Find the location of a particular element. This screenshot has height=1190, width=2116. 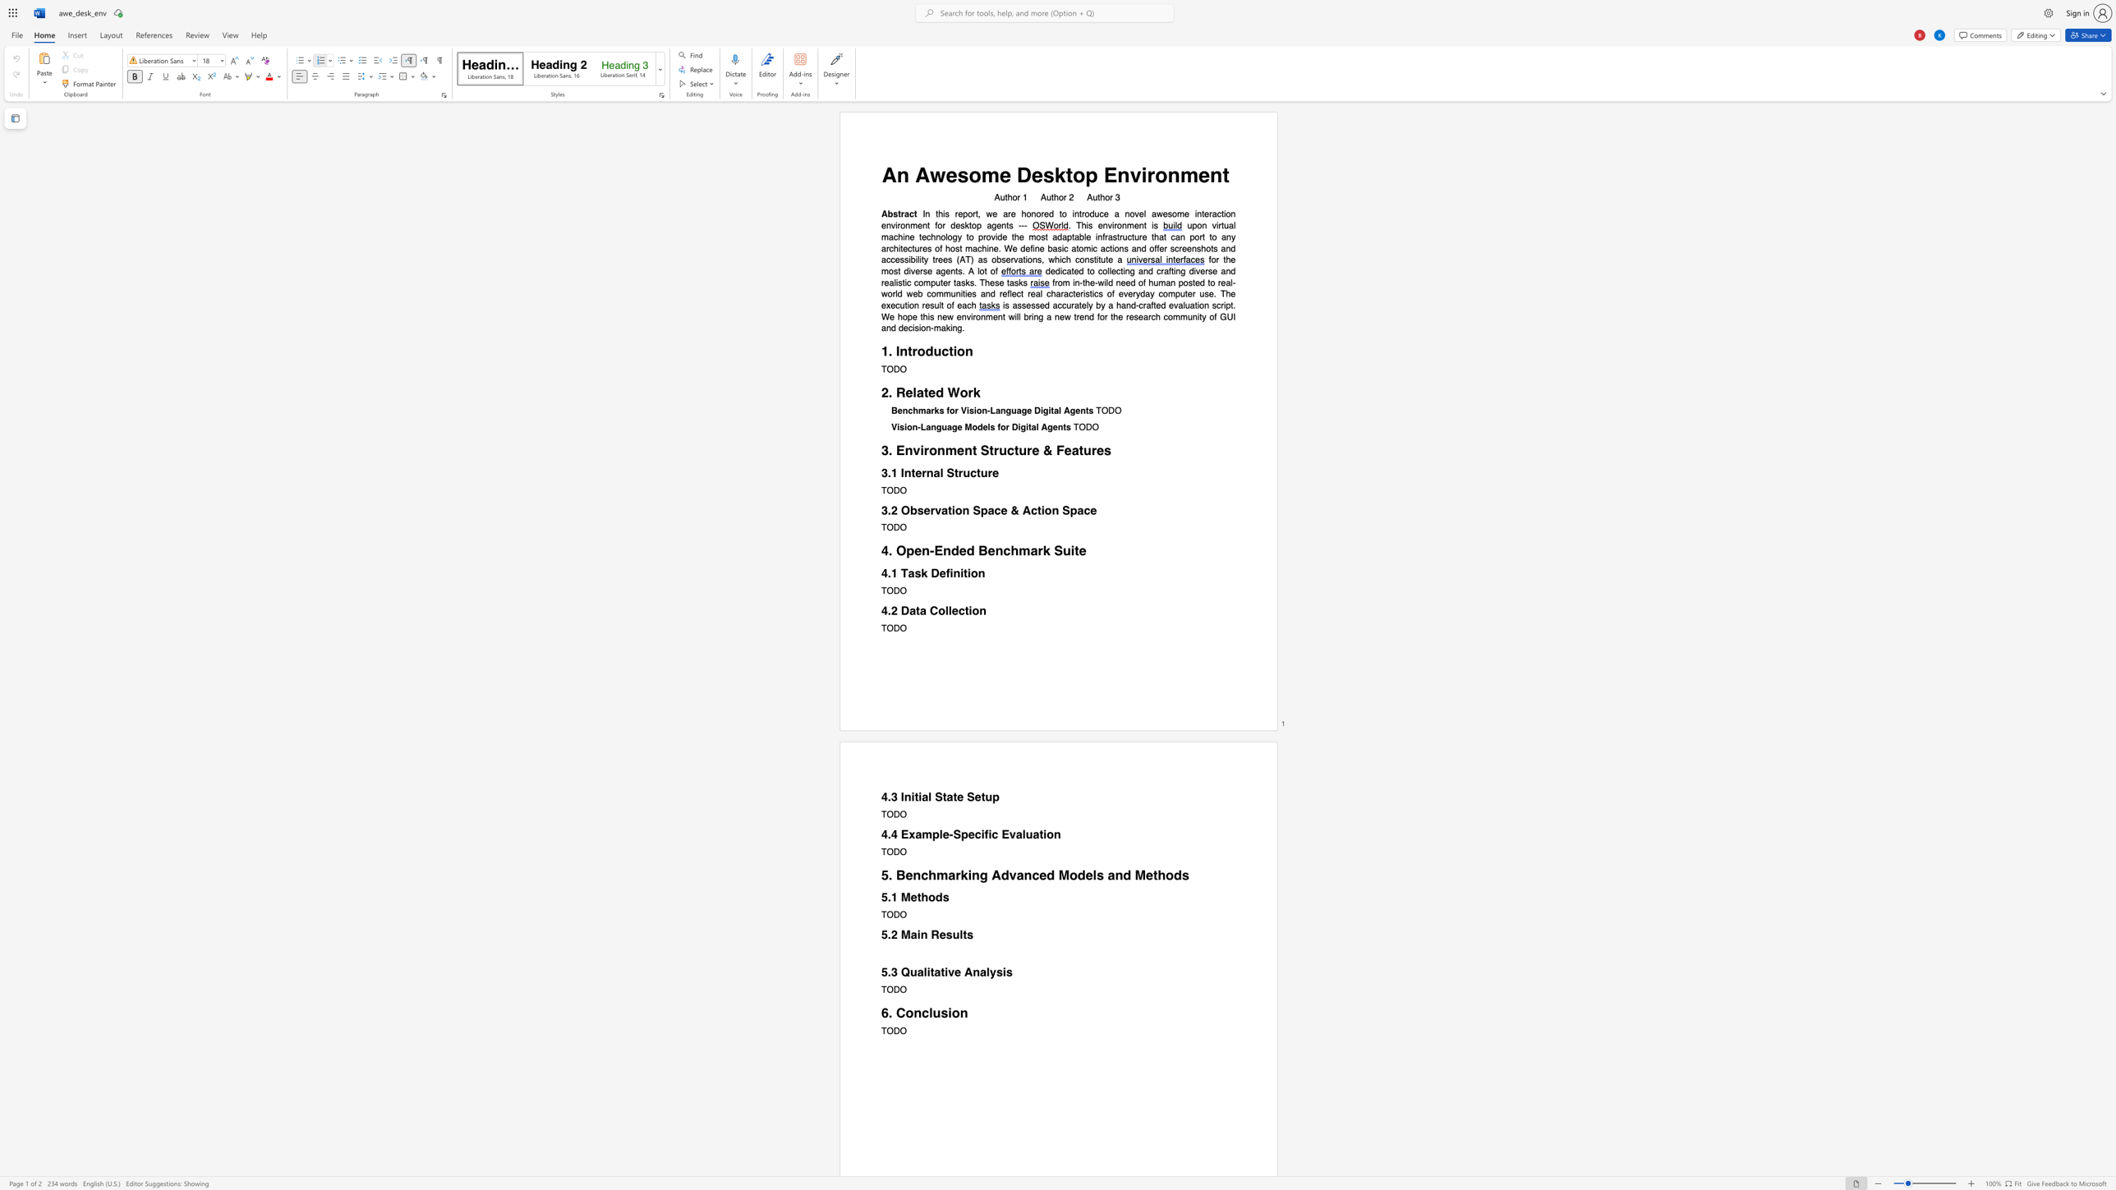

the 1th character "e" in the text is located at coordinates (913, 897).